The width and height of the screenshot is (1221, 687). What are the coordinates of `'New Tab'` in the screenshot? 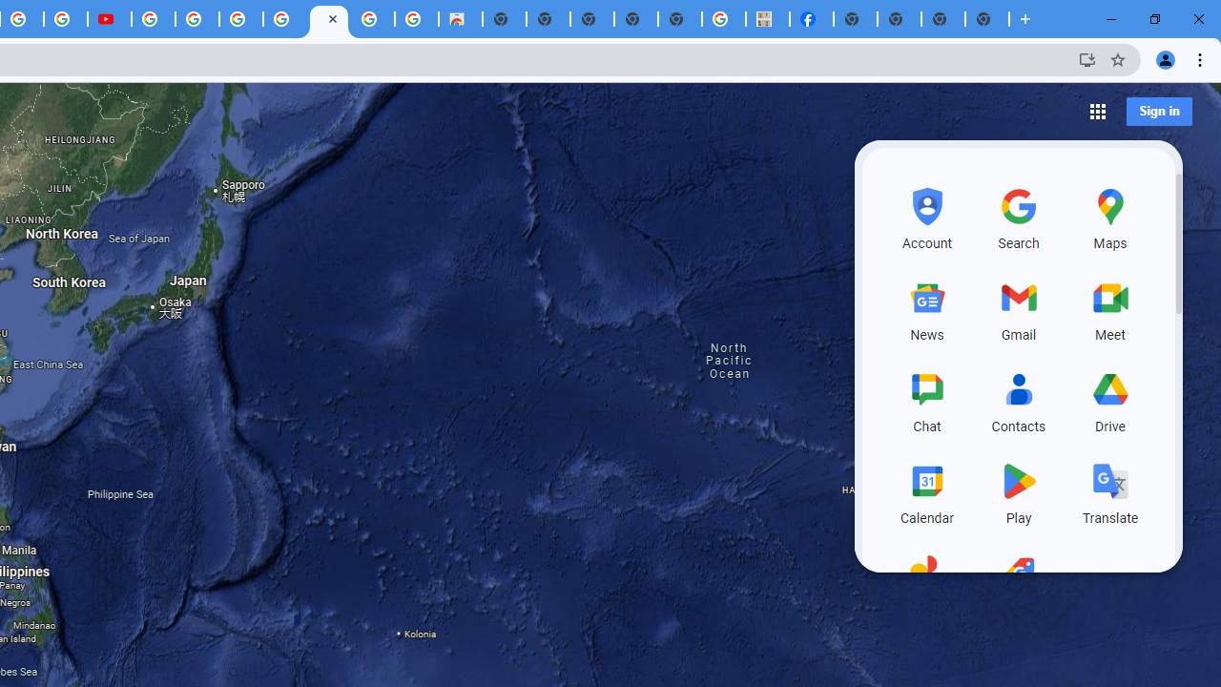 It's located at (987, 19).